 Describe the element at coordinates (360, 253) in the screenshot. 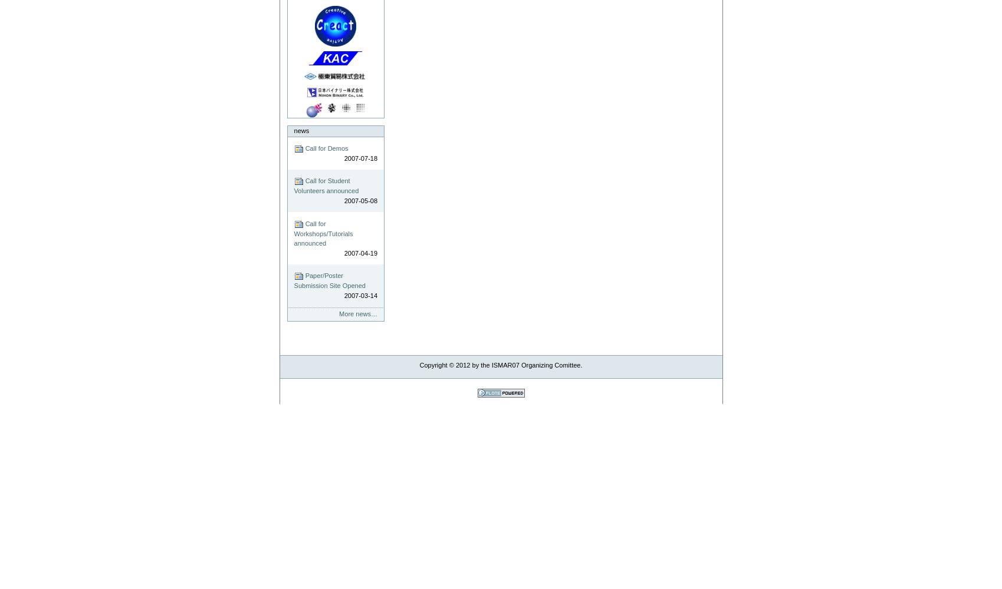

I see `'2007-04-19'` at that location.